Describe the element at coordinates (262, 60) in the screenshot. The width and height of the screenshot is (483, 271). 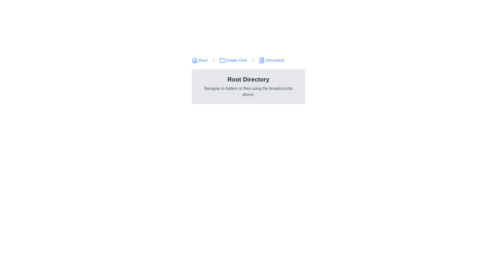
I see `the document icon located to the immediate left of the text 'Document' in the breadcrumb navigation system` at that location.